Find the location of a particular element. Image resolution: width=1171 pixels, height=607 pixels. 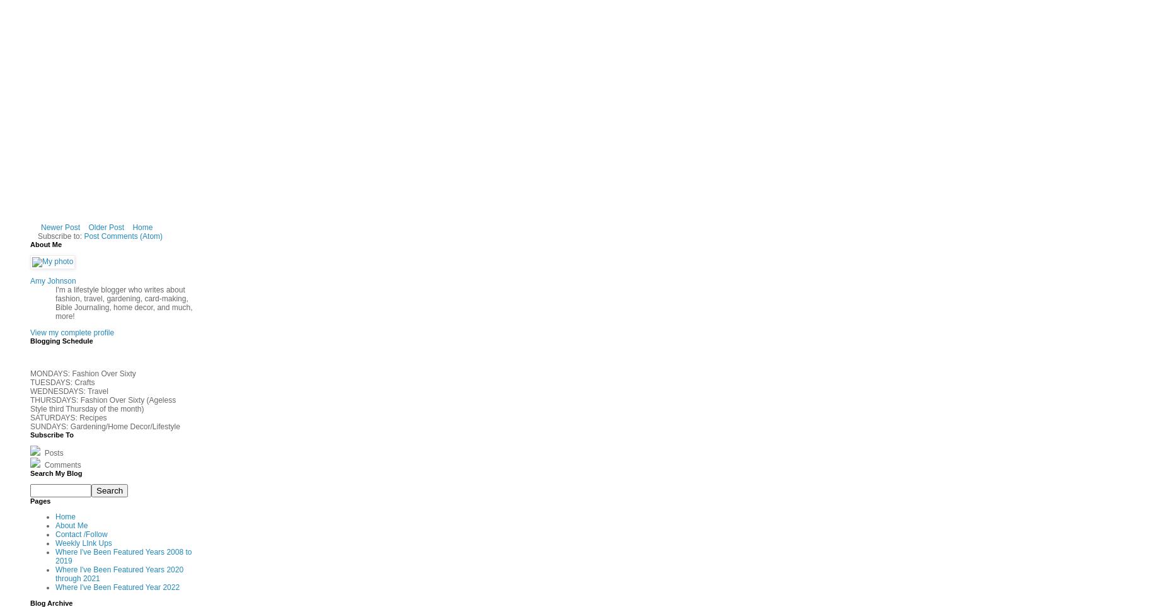

'Where I've Been Featured Years 2020 through 2021' is located at coordinates (55, 573).